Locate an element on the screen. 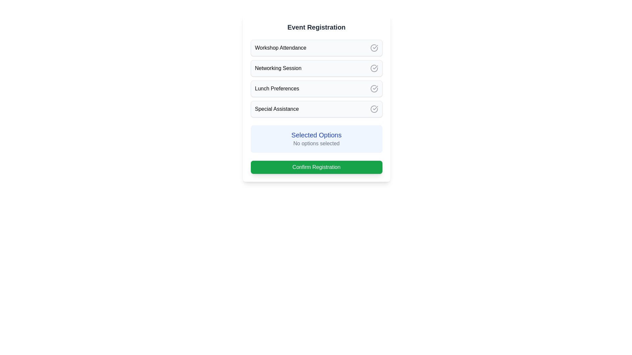 The width and height of the screenshot is (632, 355). the 'Confirm Registration' button, which is a green rectangular button with rounded corners and white text, located at the bottom of the 'Event Registration' card is located at coordinates (316, 167).